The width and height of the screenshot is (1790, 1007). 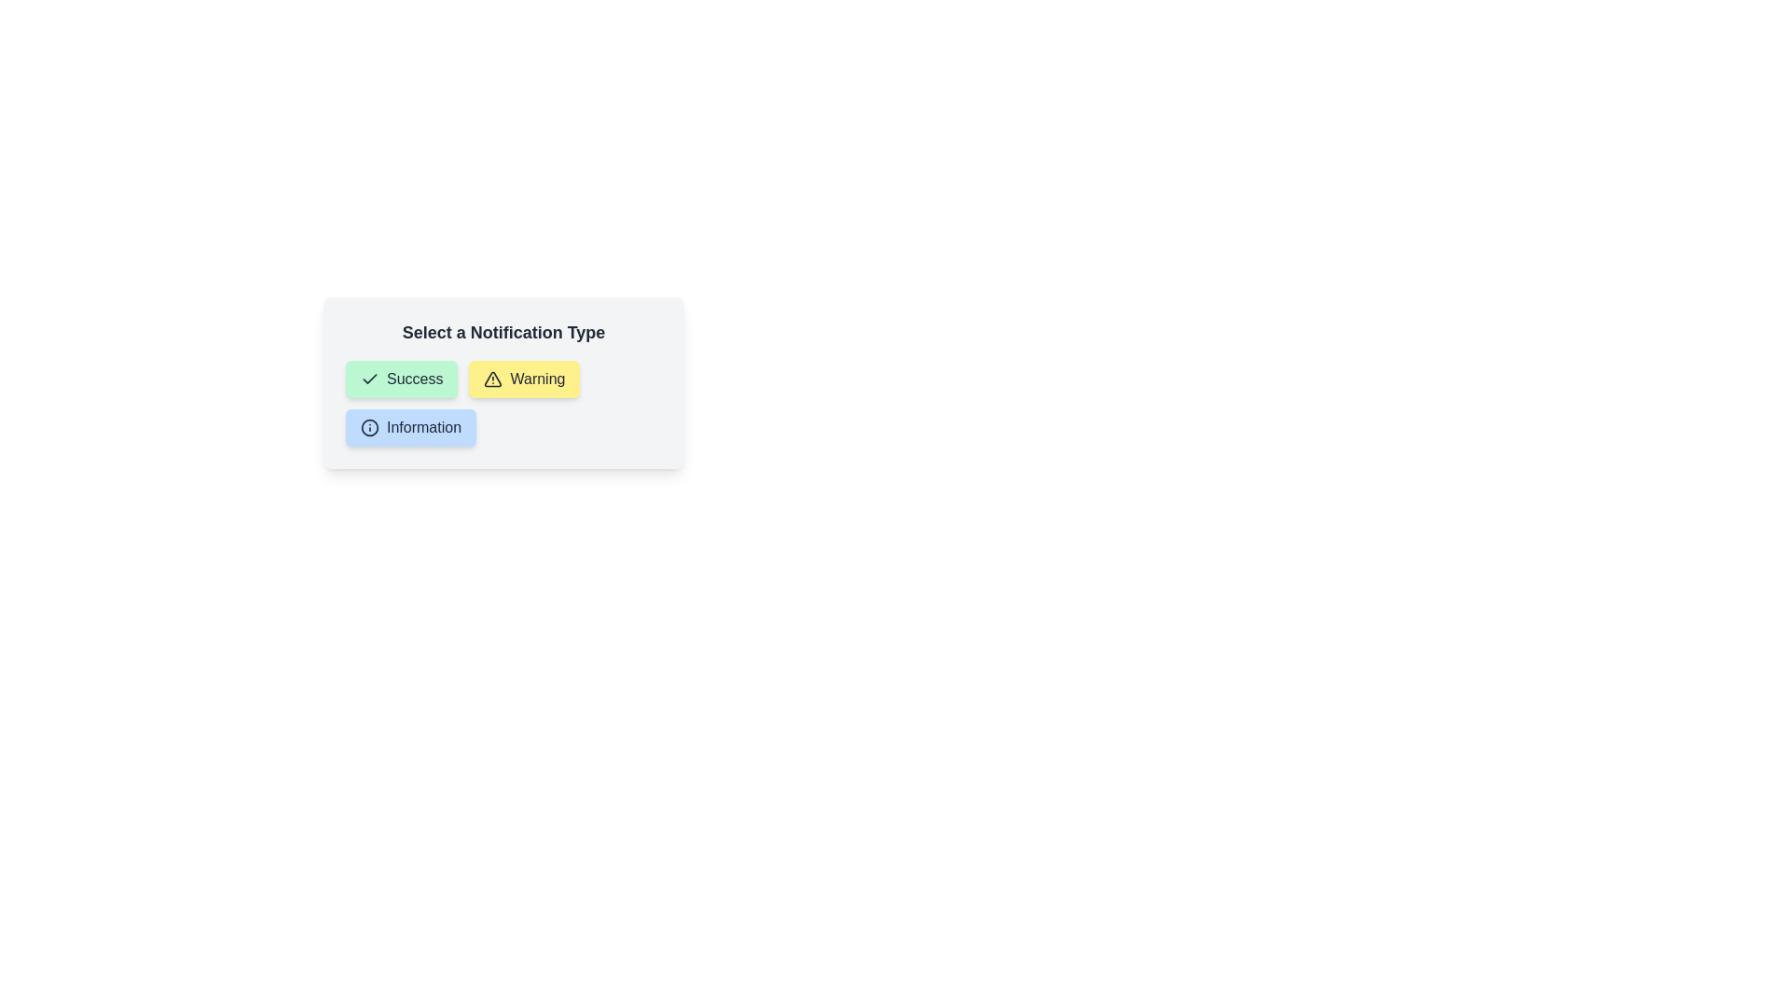 What do you see at coordinates (523, 379) in the screenshot?
I see `the chip labeled Warning` at bounding box center [523, 379].